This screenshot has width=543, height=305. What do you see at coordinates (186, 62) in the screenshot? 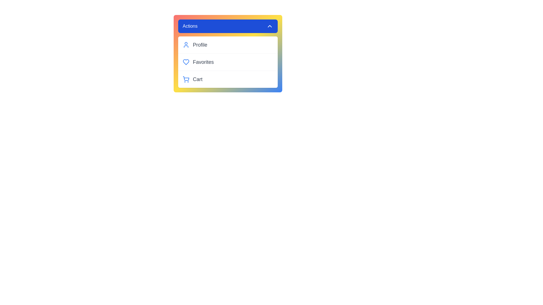
I see `the heart-shaped icon with a blue outline located to the left of the word 'Favorites' in the dropdown menu` at bounding box center [186, 62].